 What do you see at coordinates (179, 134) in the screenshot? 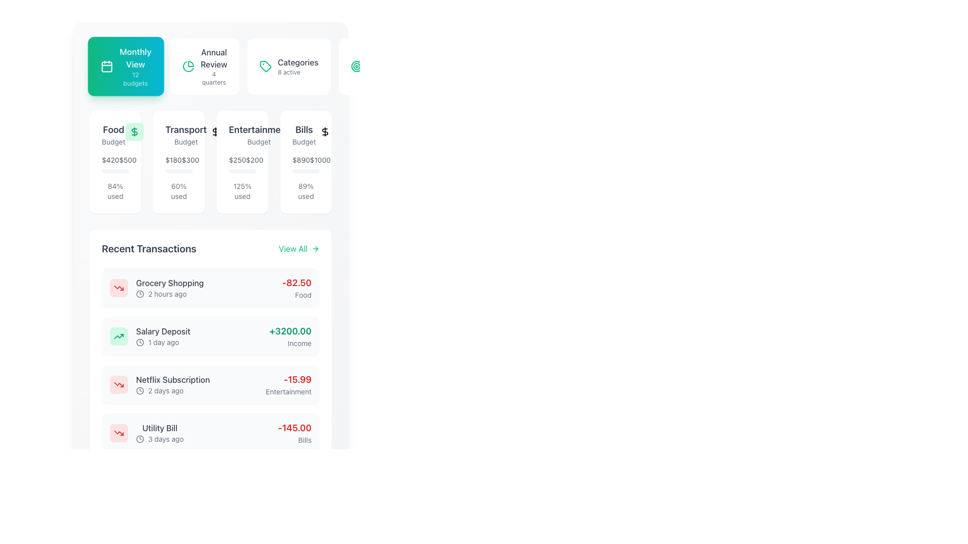
I see `the Text Label displaying 'Transport' in bold and 'Budget' in gray, located in the second card from the left in the grid of budget cards` at bounding box center [179, 134].